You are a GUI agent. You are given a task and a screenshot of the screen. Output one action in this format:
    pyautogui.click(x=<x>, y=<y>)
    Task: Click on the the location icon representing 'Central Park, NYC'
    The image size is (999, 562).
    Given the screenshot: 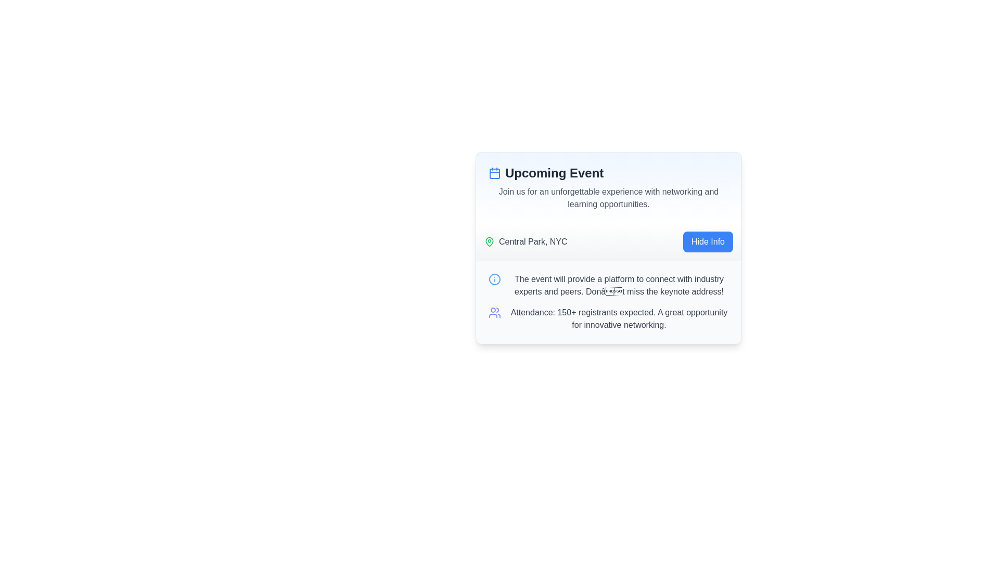 What is the action you would take?
    pyautogui.click(x=489, y=242)
    